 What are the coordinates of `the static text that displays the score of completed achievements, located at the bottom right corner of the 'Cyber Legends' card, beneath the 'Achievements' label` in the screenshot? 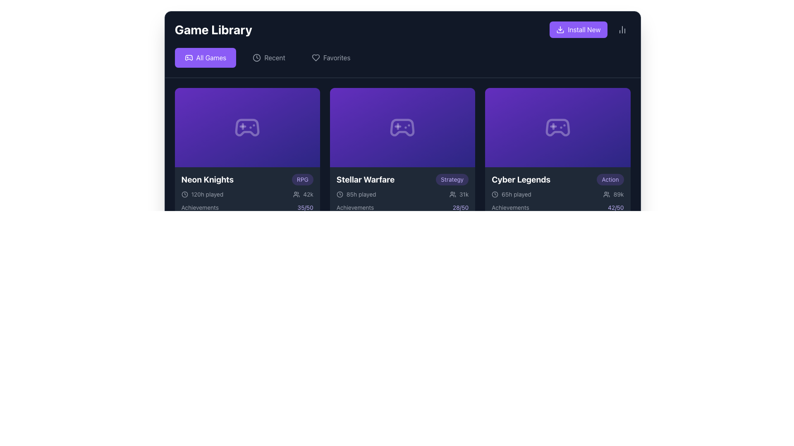 It's located at (616, 207).